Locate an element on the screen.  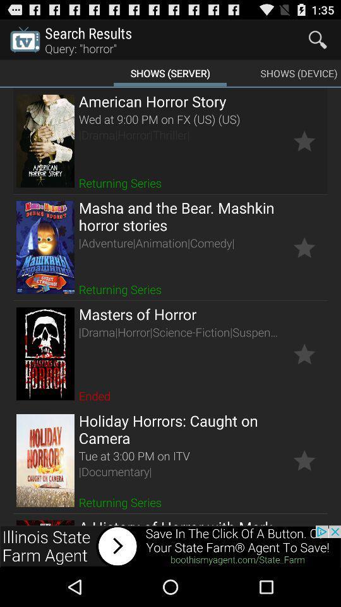
setings option is located at coordinates (304, 460).